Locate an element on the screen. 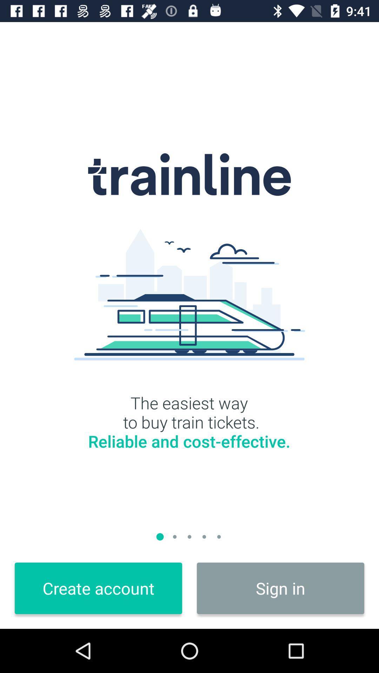 This screenshot has width=379, height=673. icon at the bottom left corner is located at coordinates (98, 588).